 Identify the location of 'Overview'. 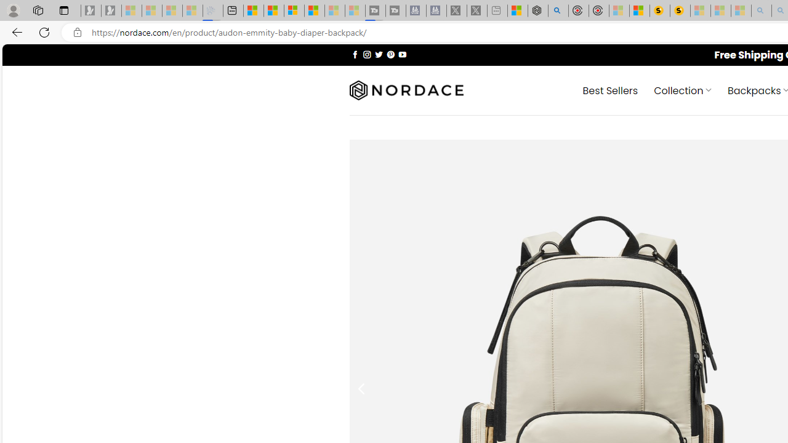
(294, 10).